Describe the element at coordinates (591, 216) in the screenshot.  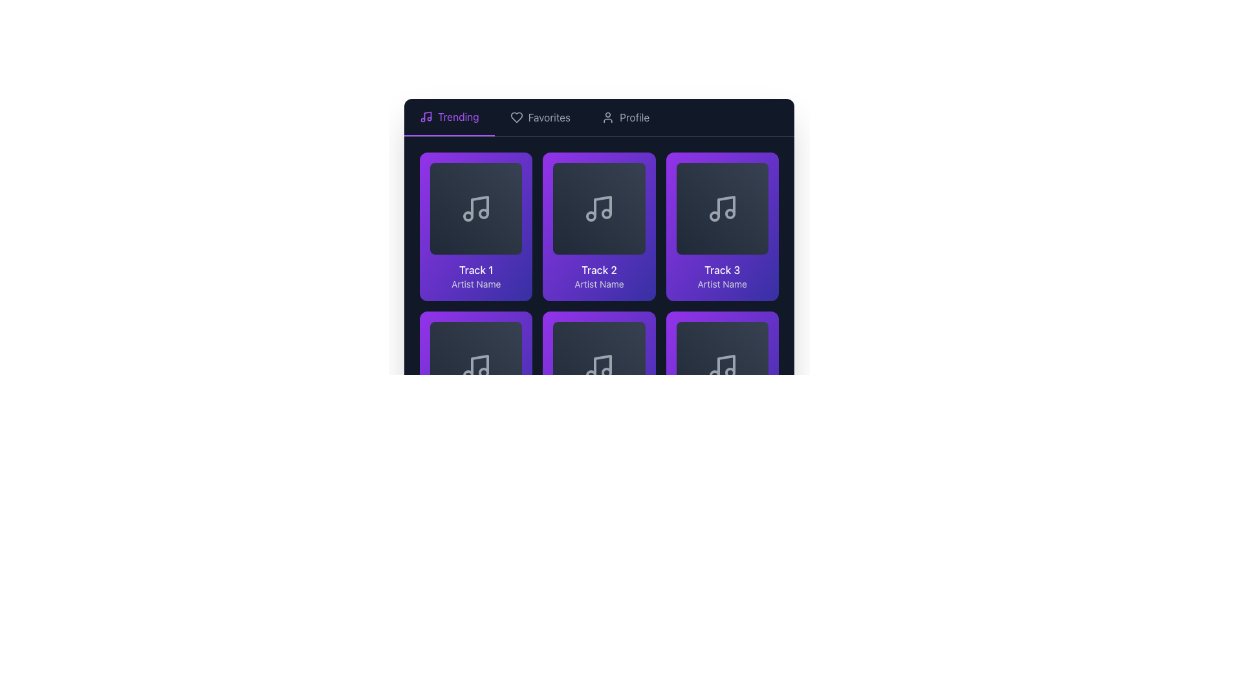
I see `the small circular shape within the music icon on the card labeled 'Track 2', which is positioned in the top row of the grid layout` at that location.